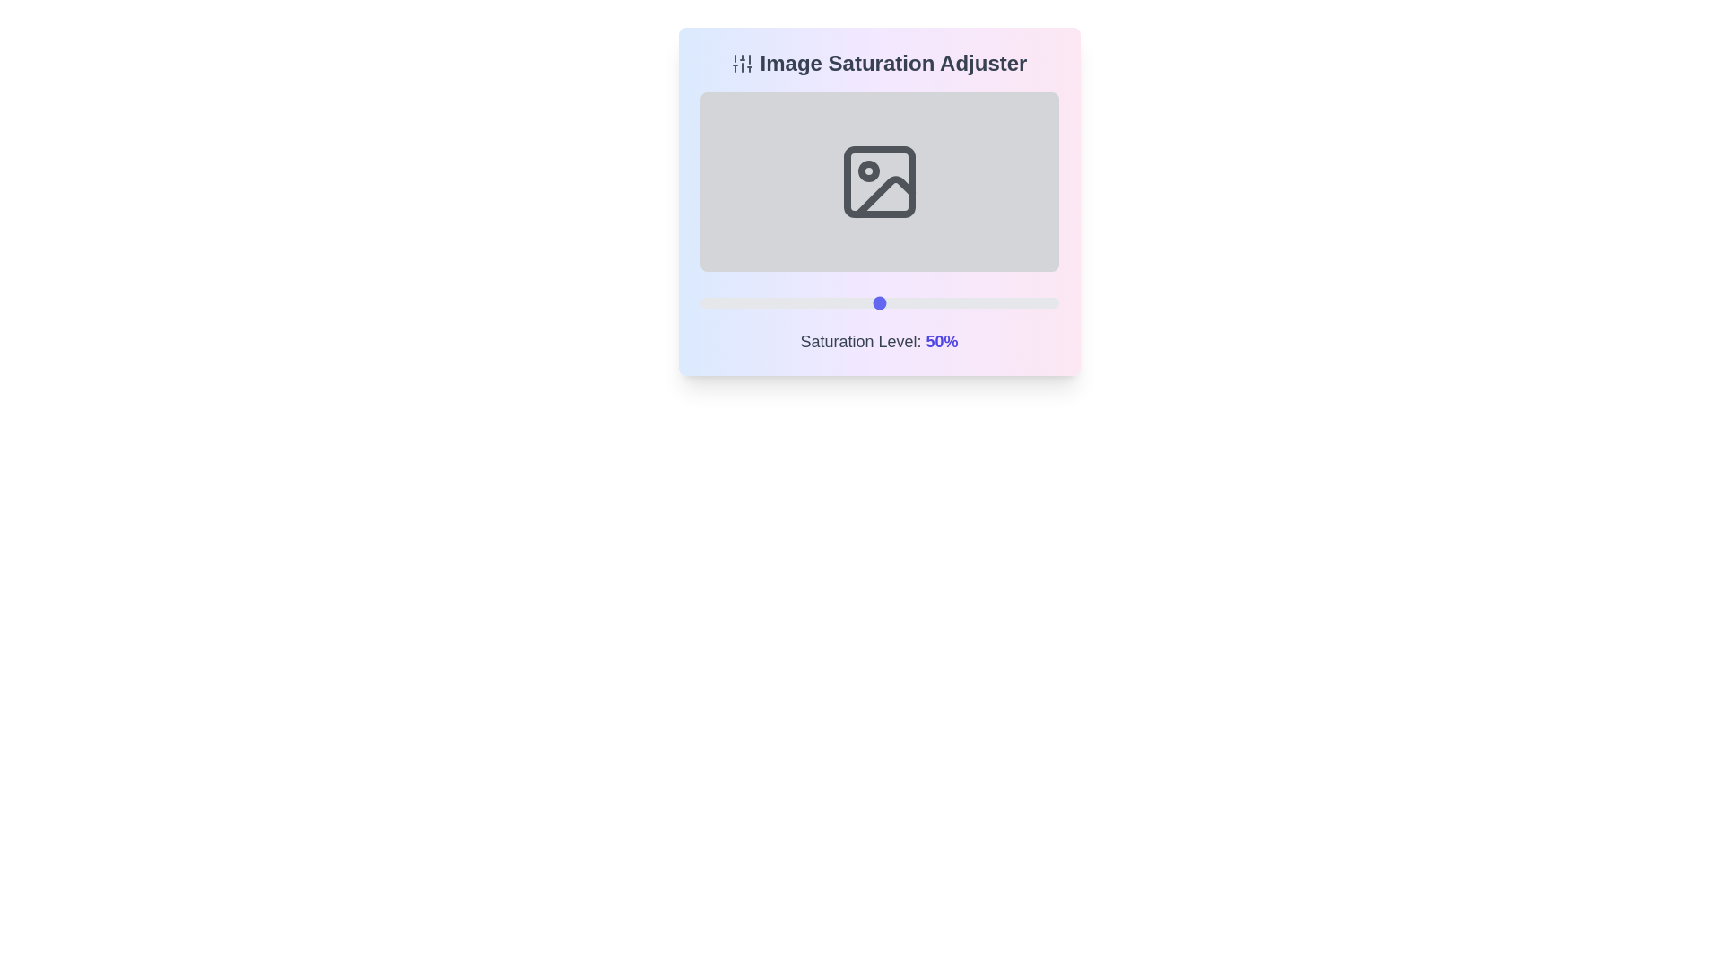 The width and height of the screenshot is (1722, 969). Describe the element at coordinates (857, 302) in the screenshot. I see `the saturation level to 44% by interacting with the slider` at that location.